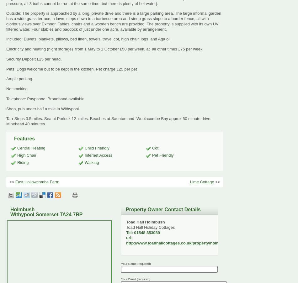  What do you see at coordinates (136, 263) in the screenshot?
I see `'Your Name (required)'` at bounding box center [136, 263].